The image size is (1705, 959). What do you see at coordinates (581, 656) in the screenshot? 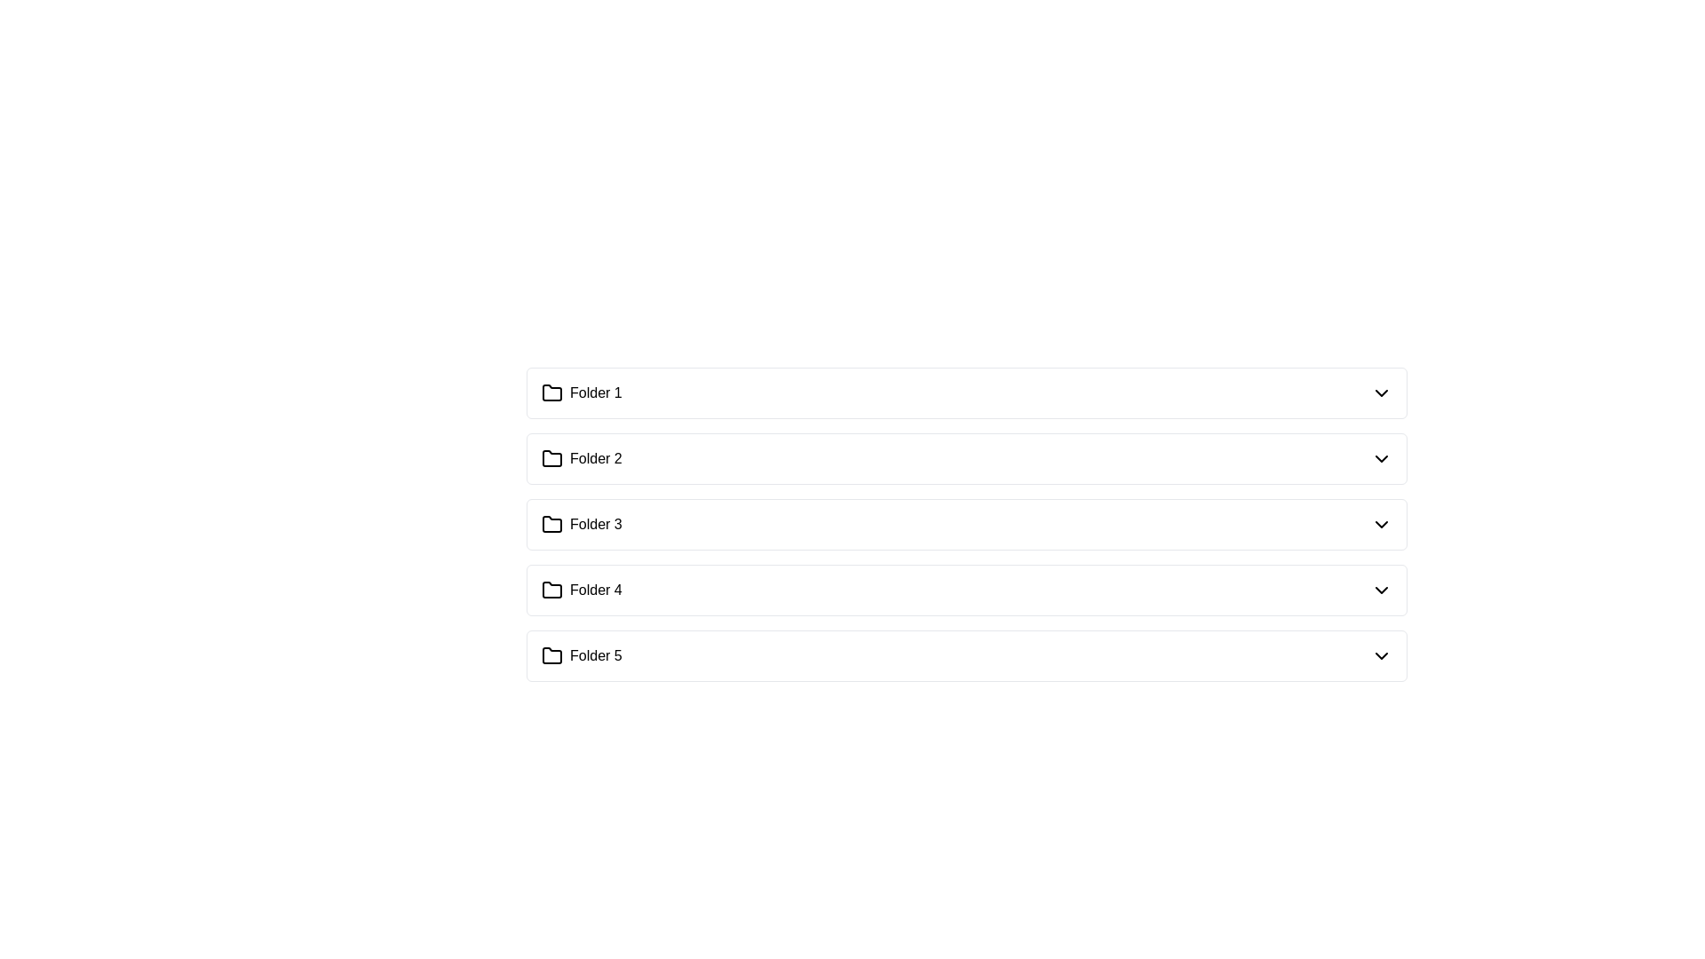
I see `the label with the text 'Folder 5' which is represented by a folder icon and is located` at bounding box center [581, 656].